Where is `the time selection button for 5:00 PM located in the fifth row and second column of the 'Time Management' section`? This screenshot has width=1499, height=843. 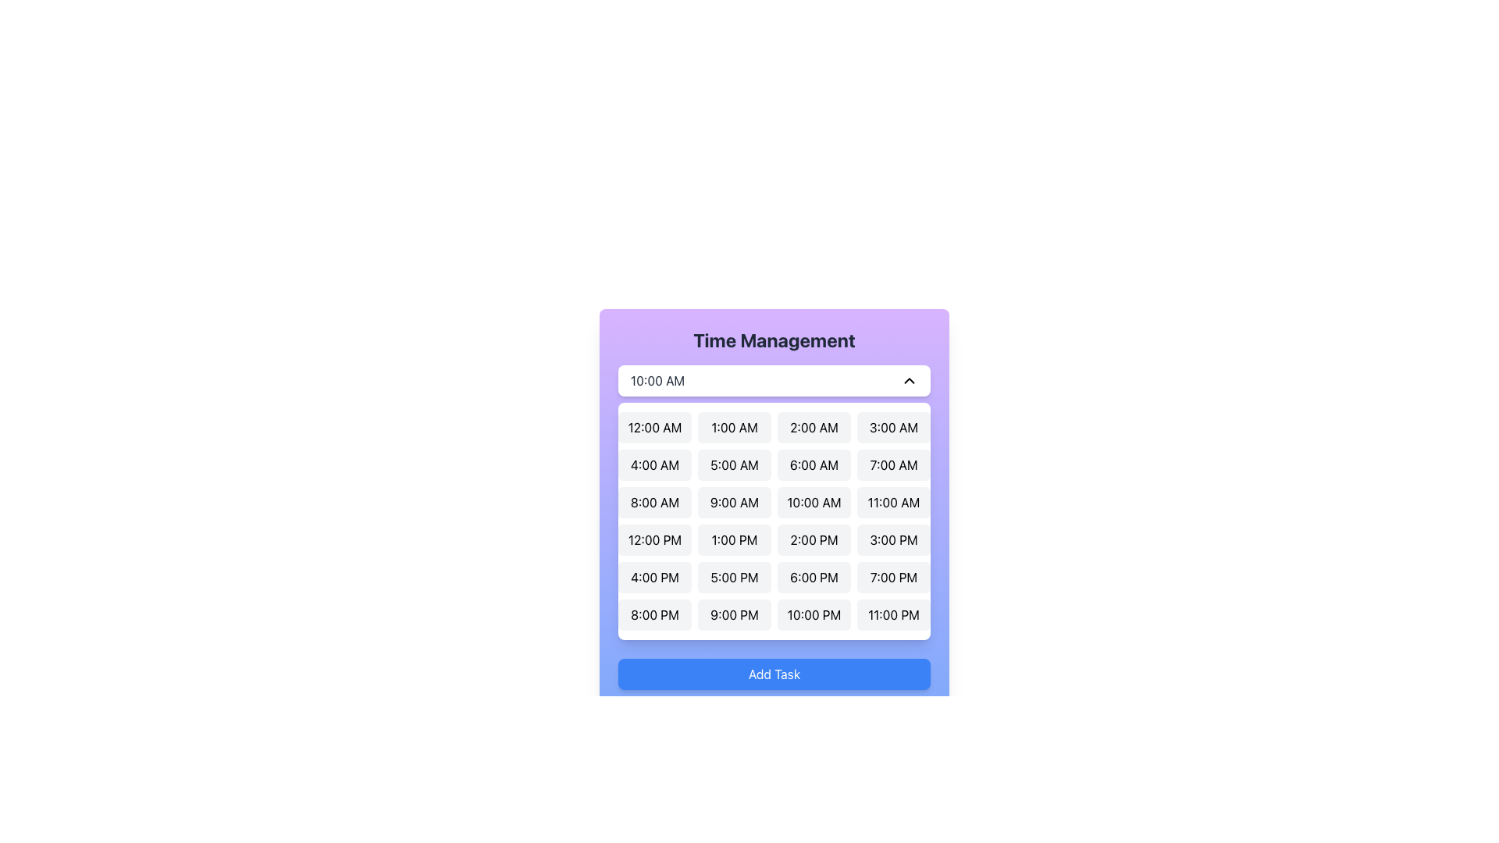 the time selection button for 5:00 PM located in the fifth row and second column of the 'Time Management' section is located at coordinates (733, 578).